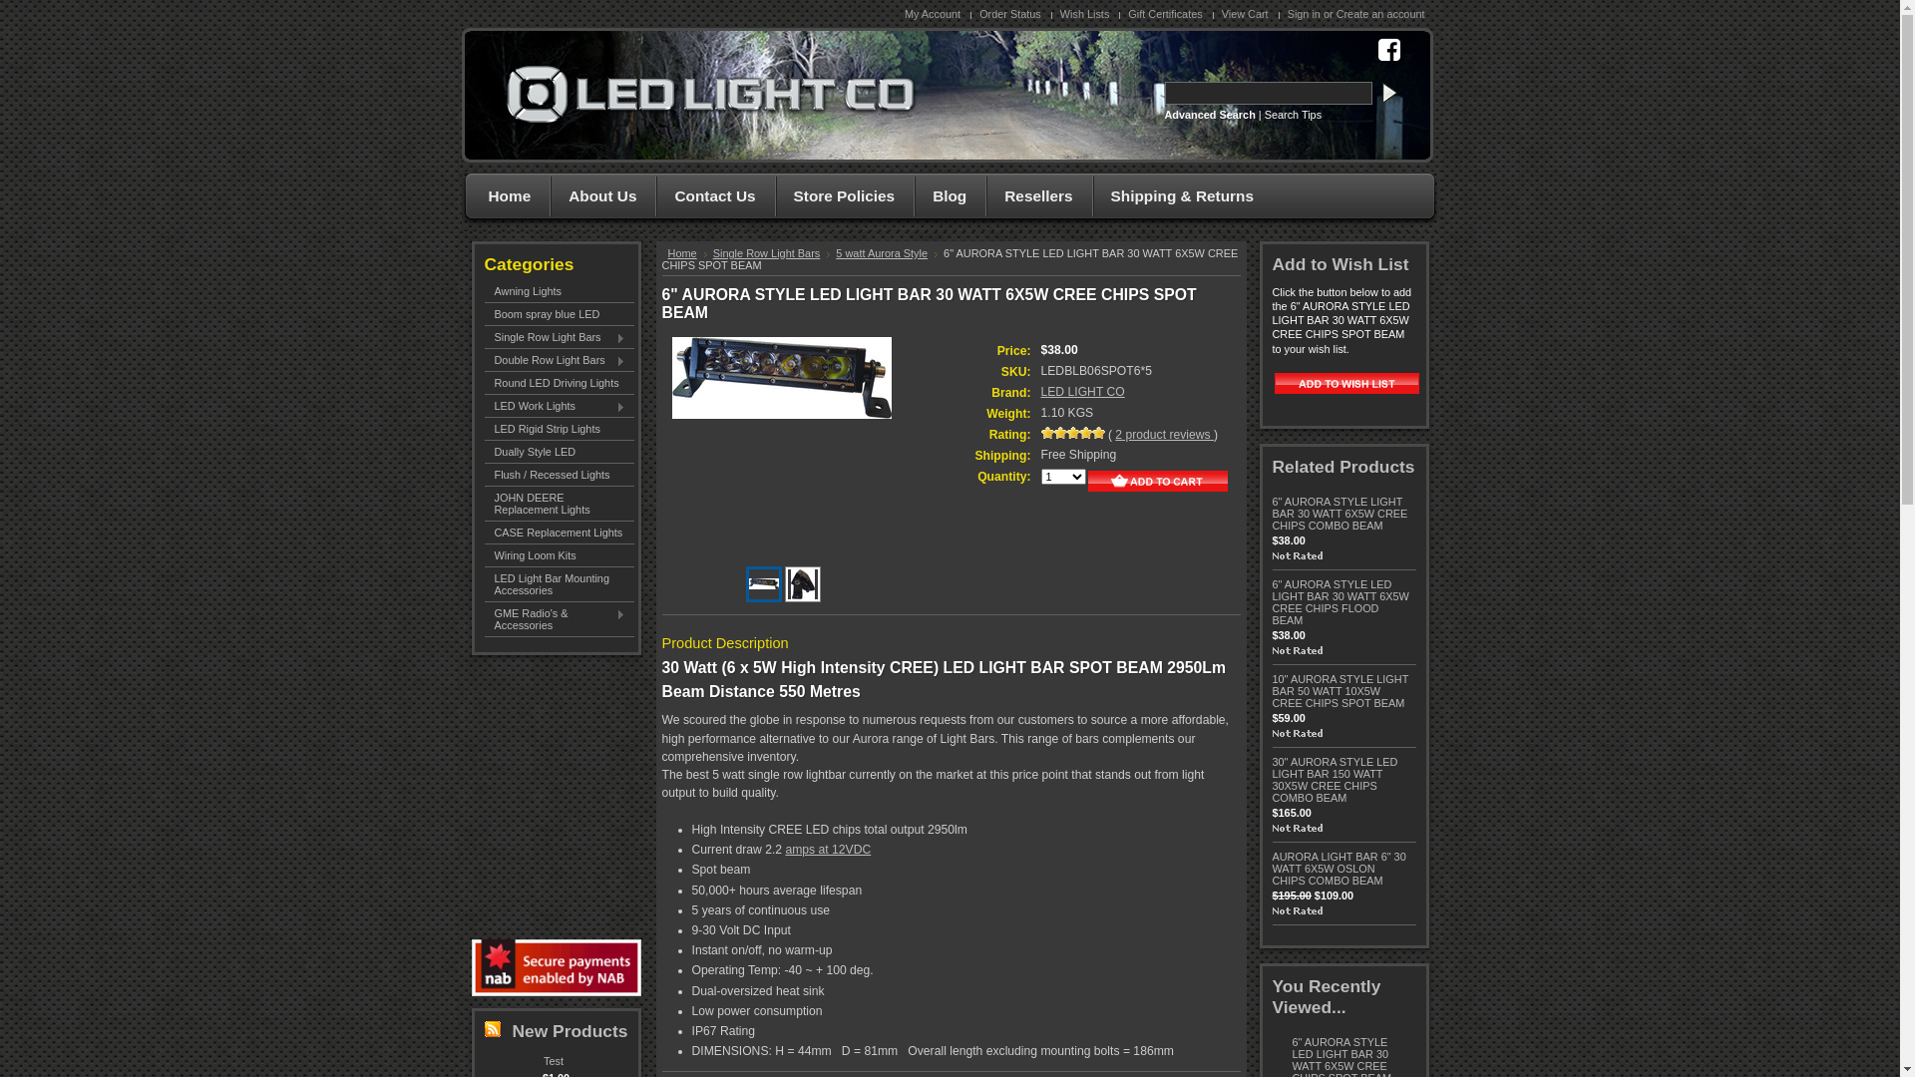 This screenshot has width=1915, height=1077. Describe the element at coordinates (1164, 115) in the screenshot. I see `'Advanced Search'` at that location.